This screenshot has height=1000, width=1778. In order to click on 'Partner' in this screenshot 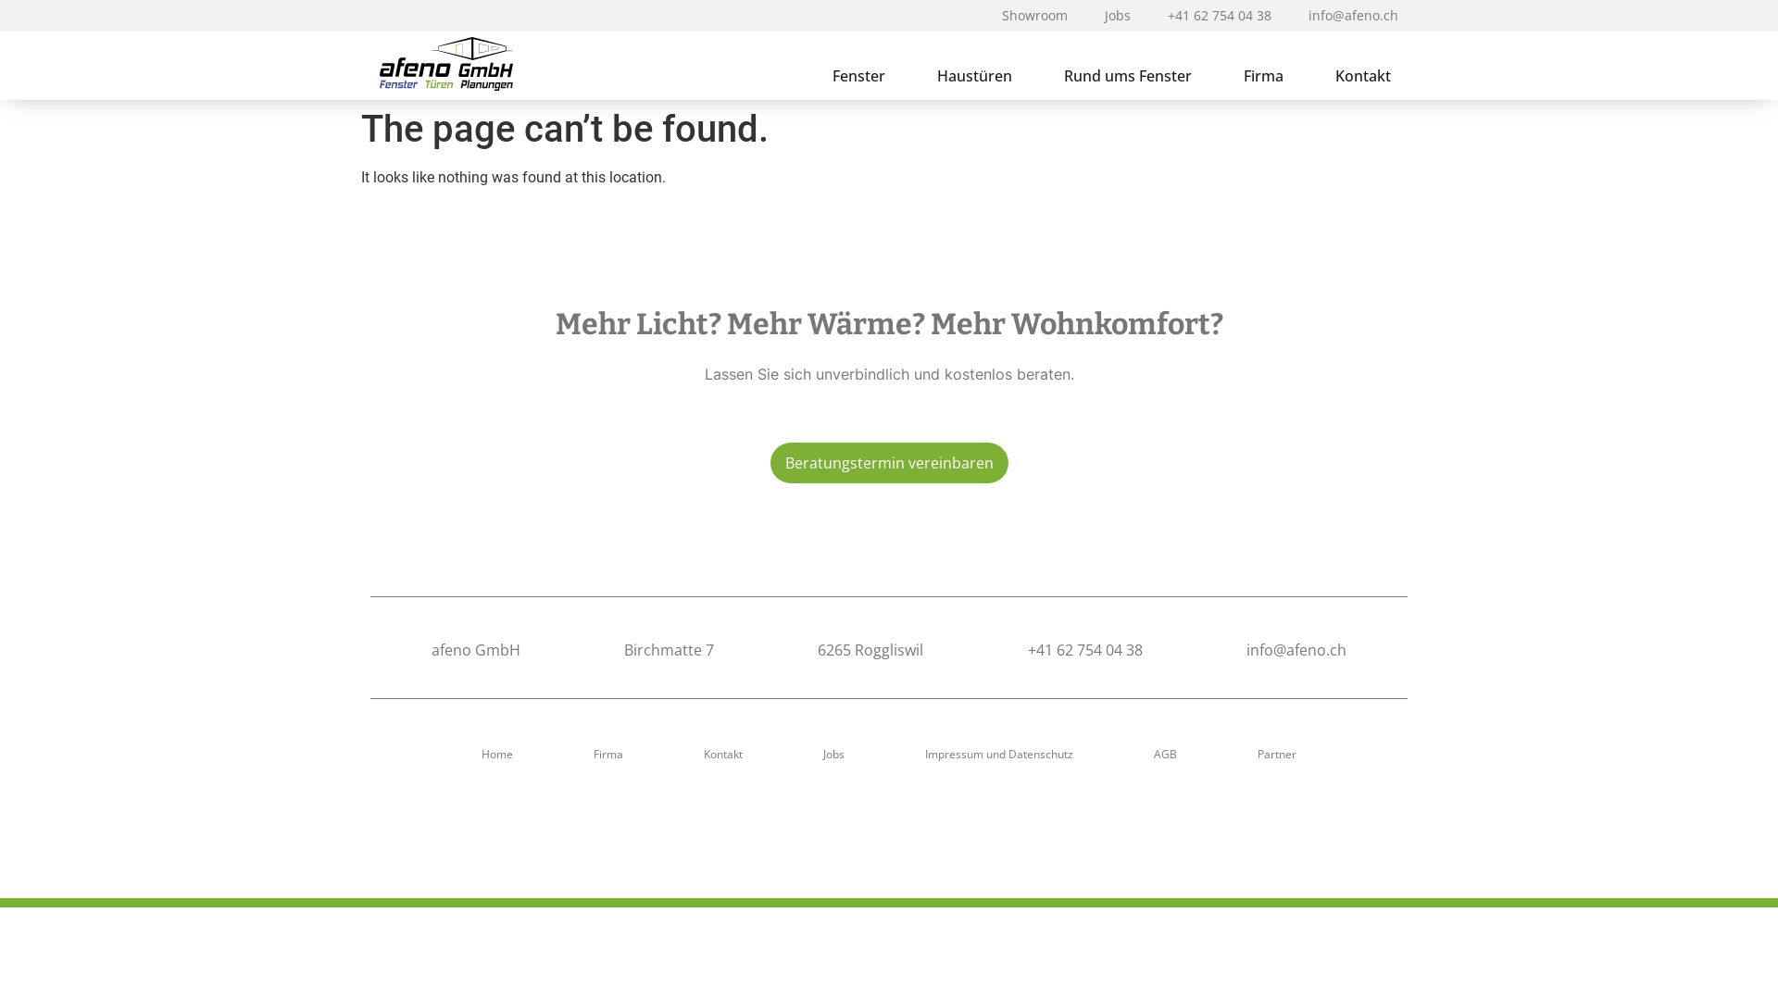, I will do `click(1275, 754)`.